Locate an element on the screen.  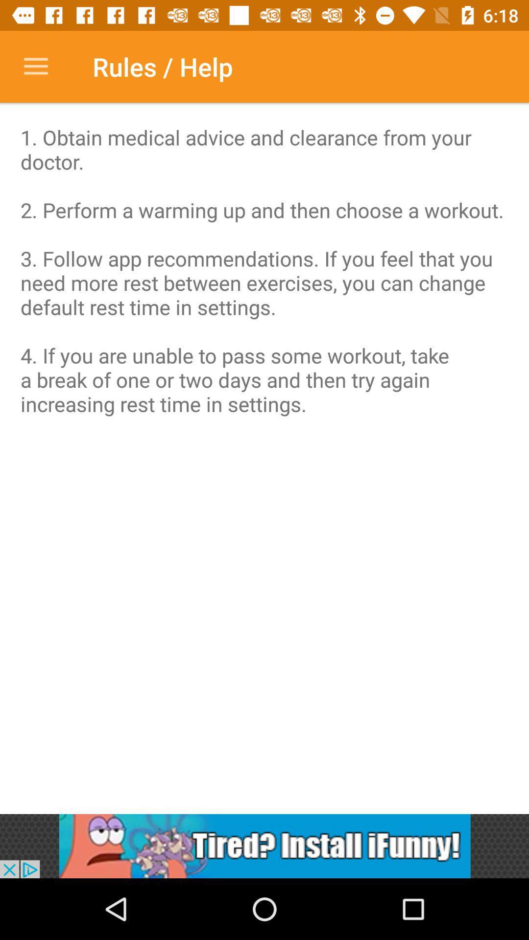
click advertisement is located at coordinates (264, 846).